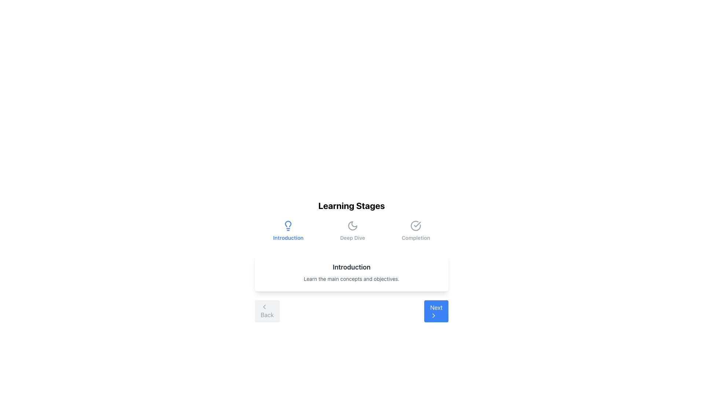 The image size is (704, 396). Describe the element at coordinates (264, 307) in the screenshot. I see `the left-pointing chevron icon that indicates backward navigation associated with the 'Back' button` at that location.